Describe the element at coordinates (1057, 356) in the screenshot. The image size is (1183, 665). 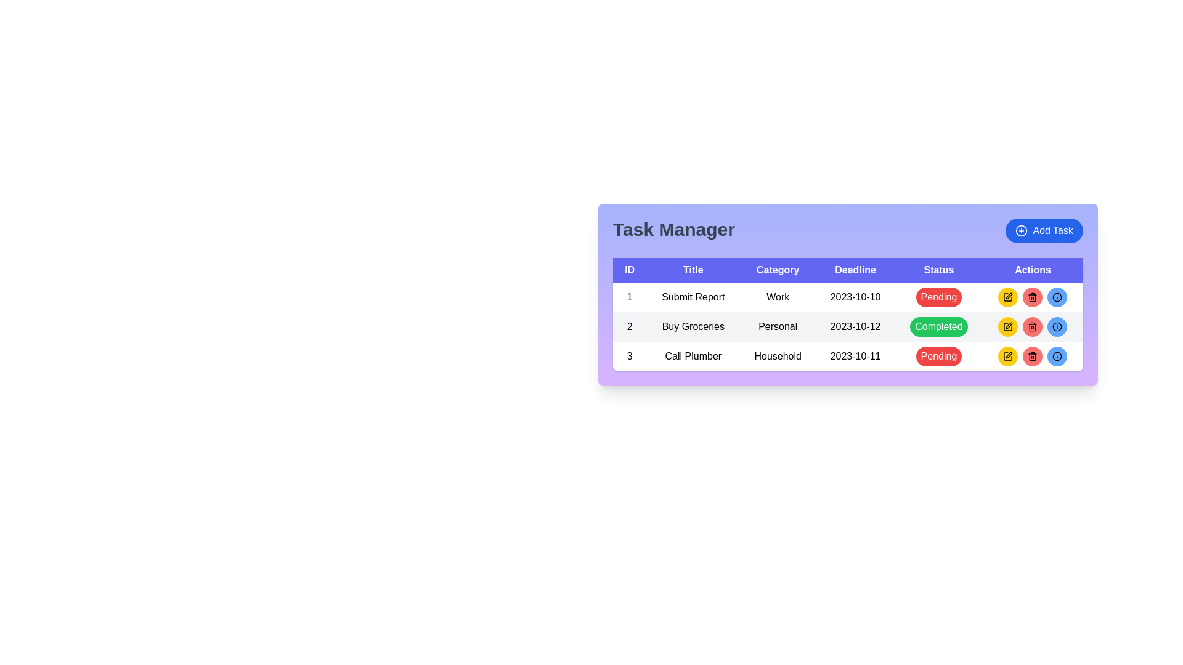
I see `the circular blue button with an information icon located in the 'Actions' column, third row of the table titled 'Call Plumber'` at that location.